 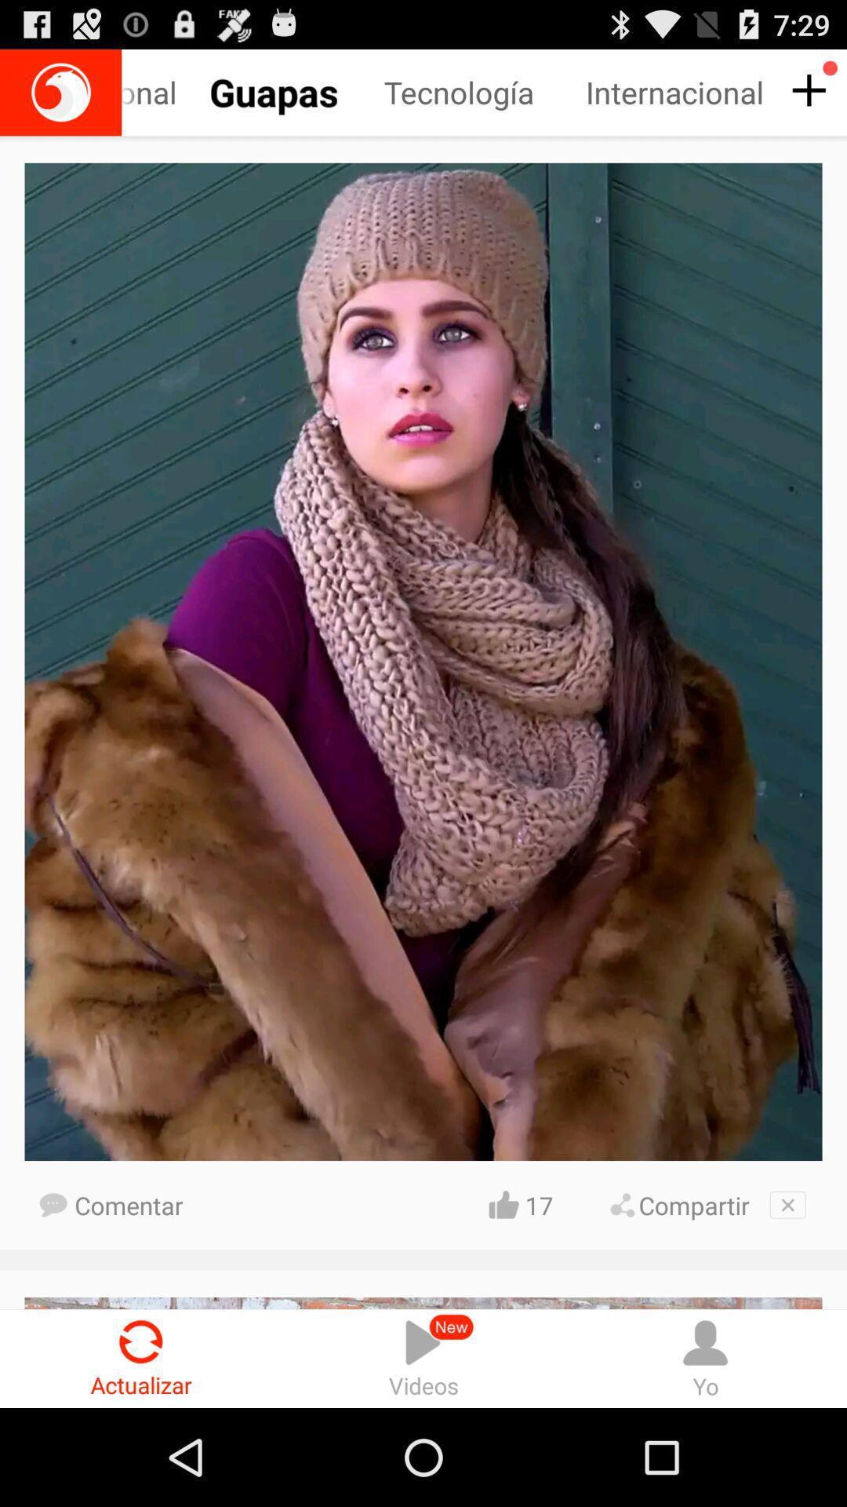 What do you see at coordinates (60, 92) in the screenshot?
I see `he can activate the simple voice command` at bounding box center [60, 92].